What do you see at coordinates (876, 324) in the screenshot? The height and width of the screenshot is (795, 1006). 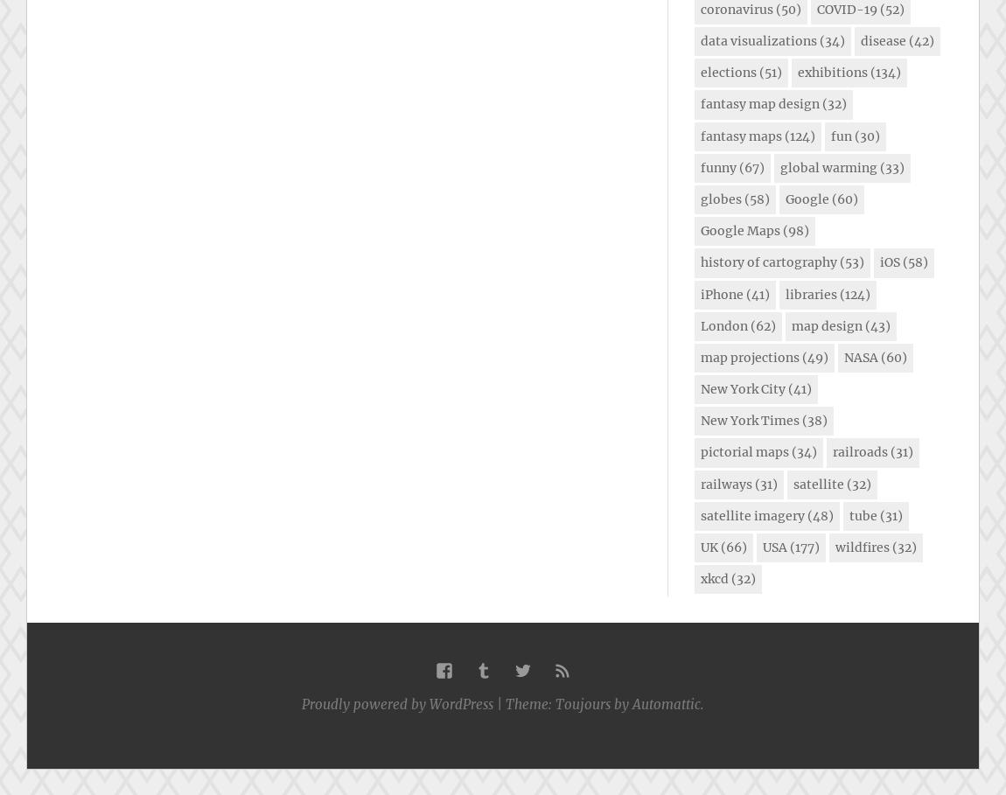 I see `'(43)'` at bounding box center [876, 324].